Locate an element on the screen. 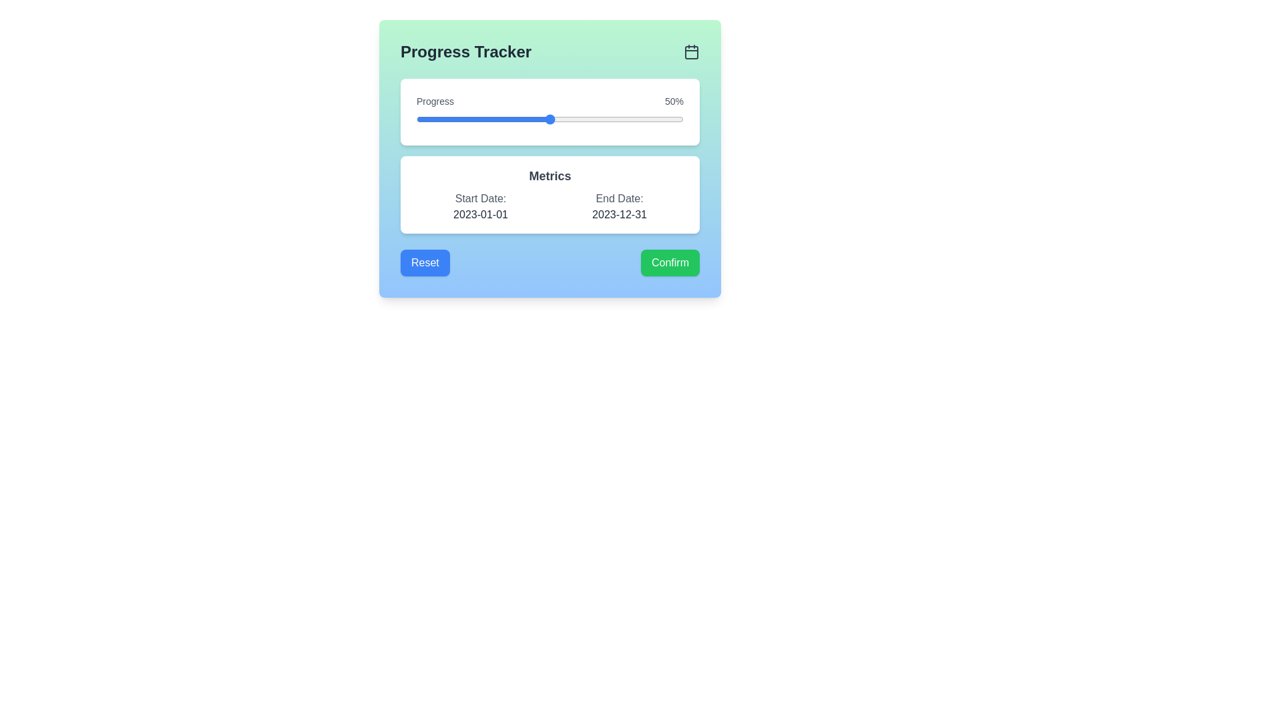 The height and width of the screenshot is (721, 1282). the Text label displaying the progress percentage, which is located at the far-right end of the progress bar aligned with the label 'Progress' is located at coordinates (674, 100).